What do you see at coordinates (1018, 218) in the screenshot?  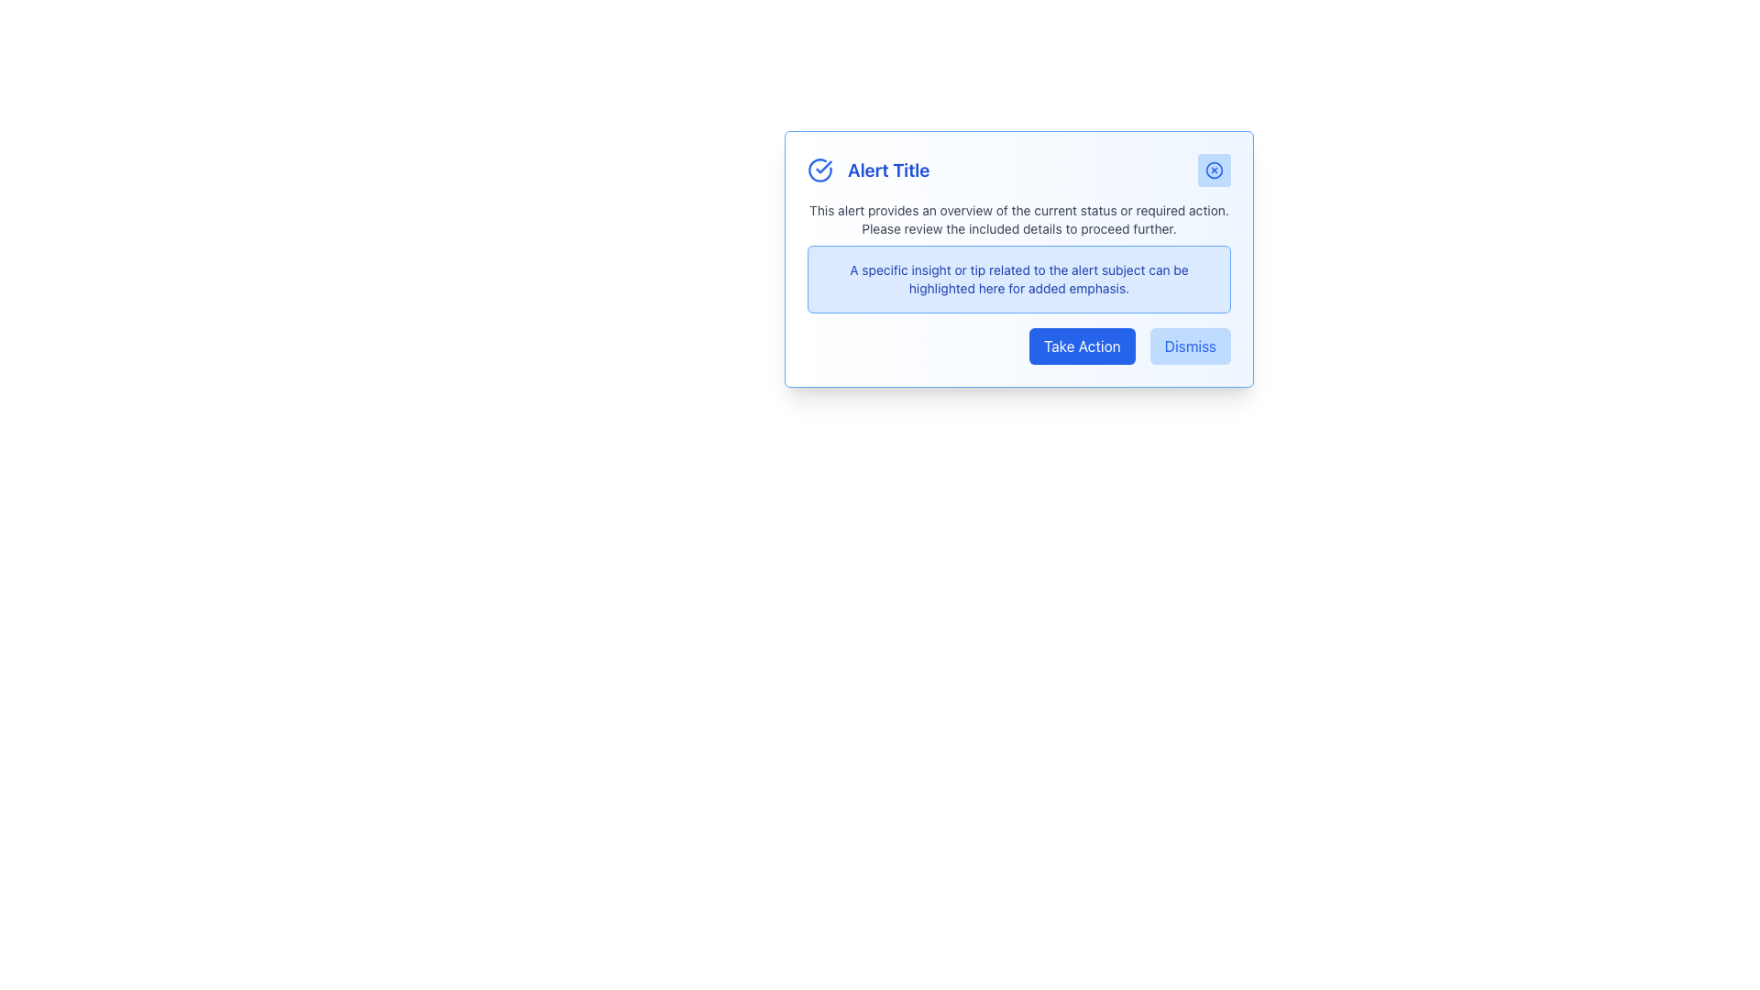 I see `the Text block that provides detailed description or context for the alert displayed in the card, positioned below the 'Alert Title' and above the highlighted tip section` at bounding box center [1018, 218].